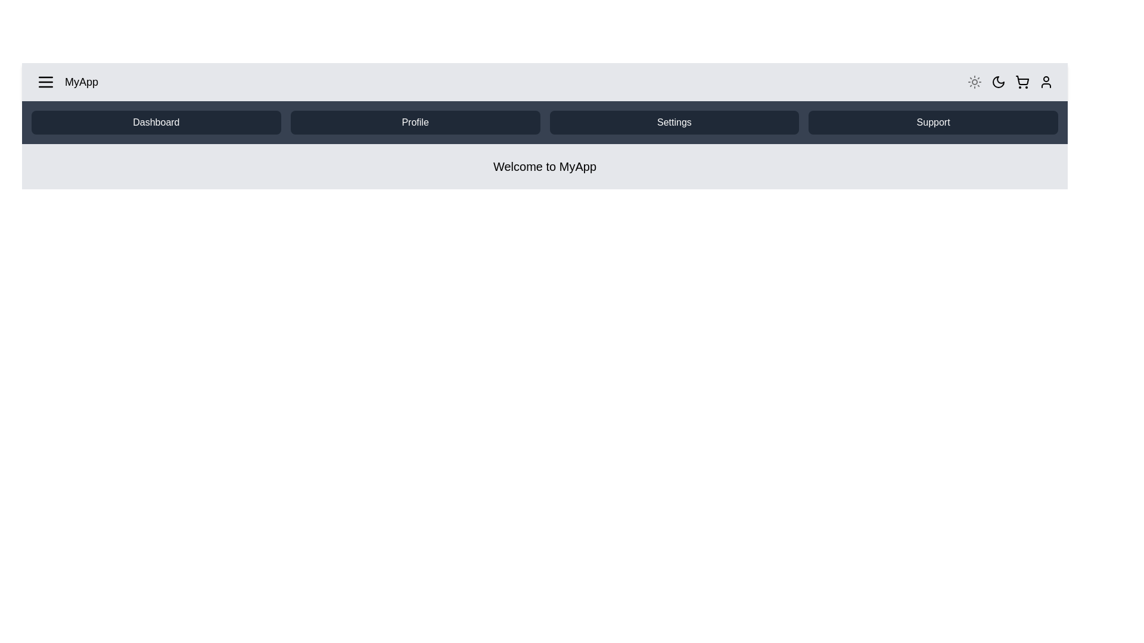  I want to click on the Support button in the navigation bar, so click(932, 122).